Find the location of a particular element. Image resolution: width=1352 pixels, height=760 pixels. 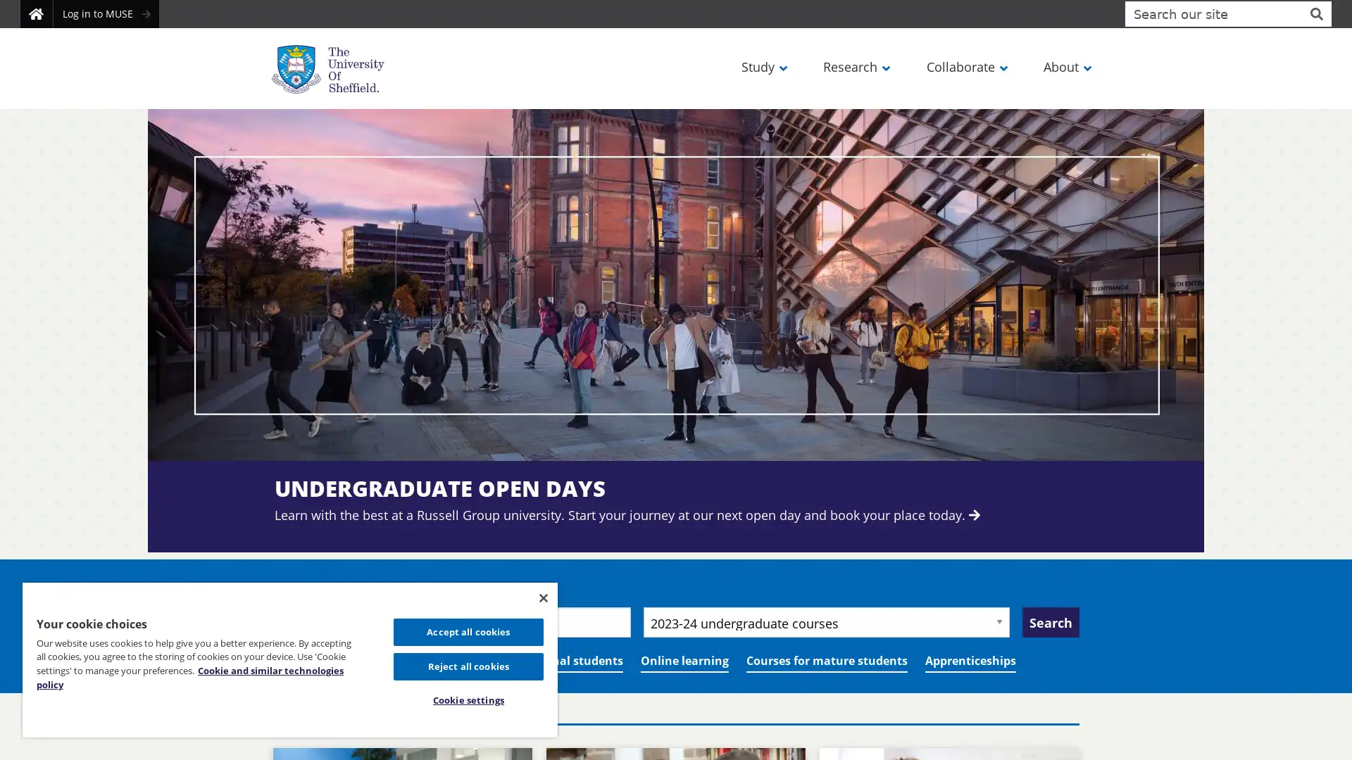

Collaborate is located at coordinates (965, 66).